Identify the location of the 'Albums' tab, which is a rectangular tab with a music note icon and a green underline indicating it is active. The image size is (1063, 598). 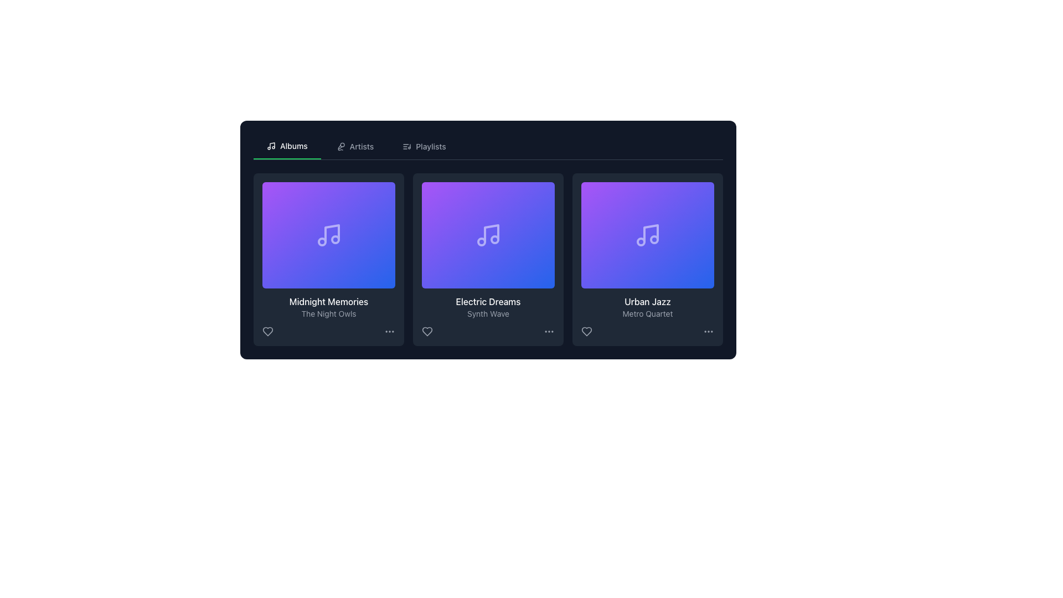
(287, 146).